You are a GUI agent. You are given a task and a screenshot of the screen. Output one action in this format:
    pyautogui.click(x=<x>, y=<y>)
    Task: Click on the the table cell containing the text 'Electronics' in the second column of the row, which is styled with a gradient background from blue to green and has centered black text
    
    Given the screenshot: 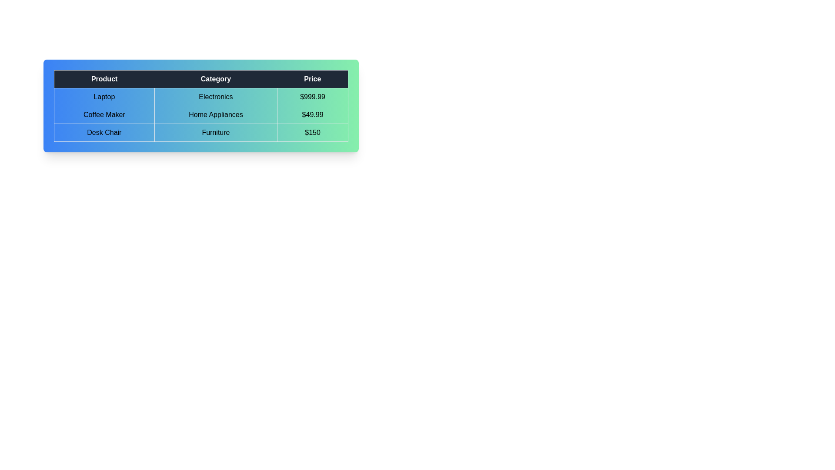 What is the action you would take?
    pyautogui.click(x=216, y=97)
    